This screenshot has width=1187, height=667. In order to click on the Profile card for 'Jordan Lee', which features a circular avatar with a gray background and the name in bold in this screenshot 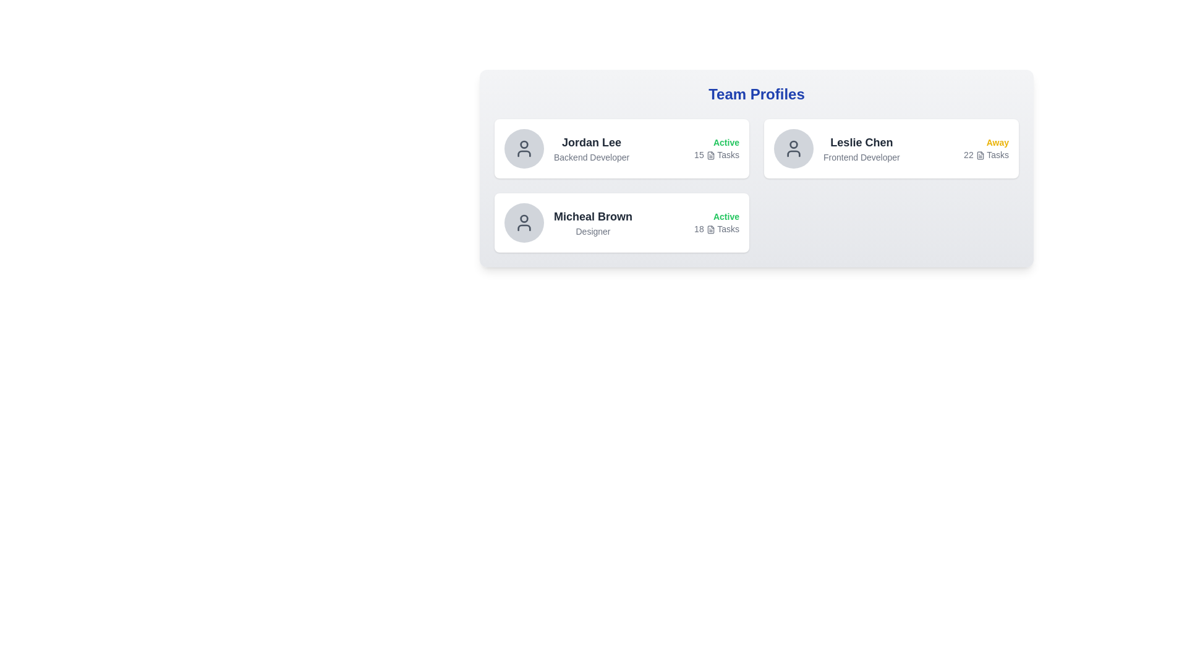, I will do `click(566, 148)`.